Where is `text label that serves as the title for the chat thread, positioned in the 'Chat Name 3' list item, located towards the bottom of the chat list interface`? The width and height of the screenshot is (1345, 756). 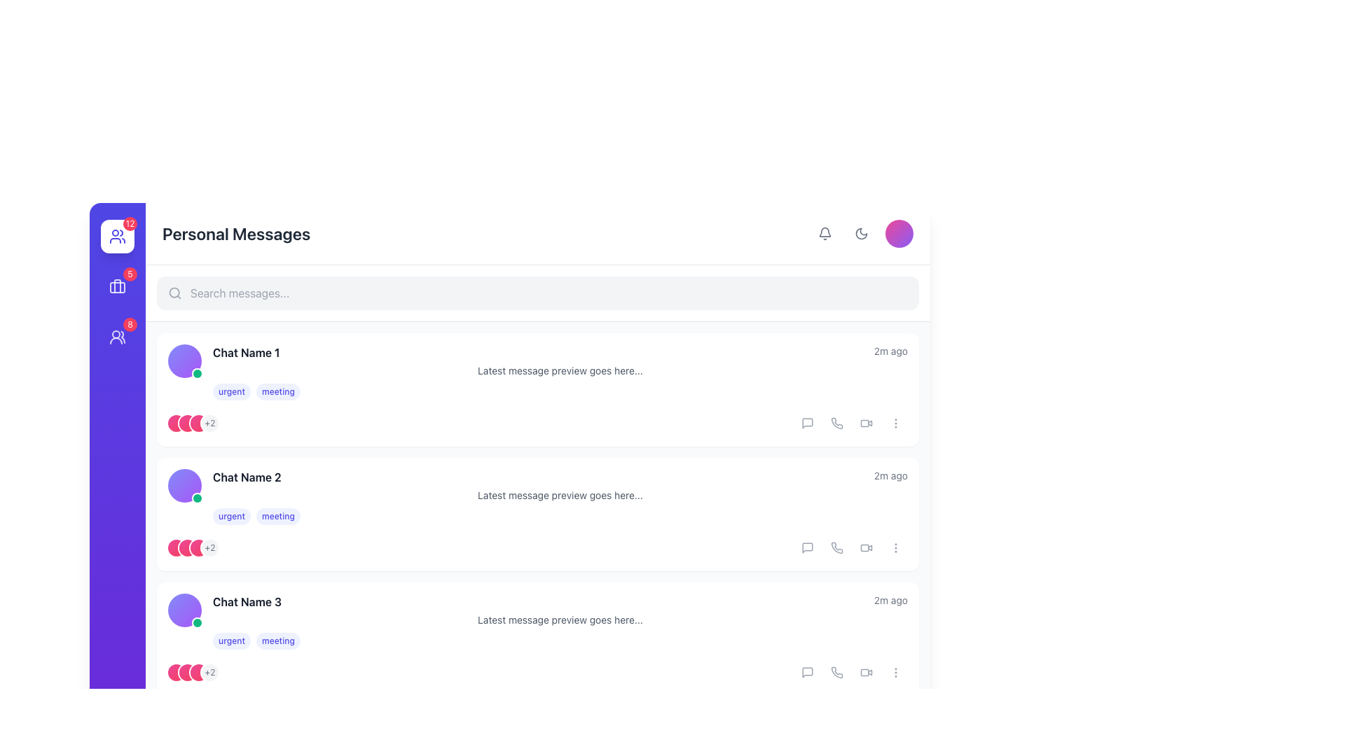 text label that serves as the title for the chat thread, positioned in the 'Chat Name 3' list item, located towards the bottom of the chat list interface is located at coordinates (247, 601).